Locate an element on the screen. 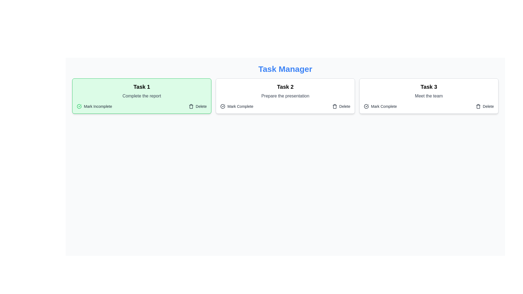 Image resolution: width=523 pixels, height=294 pixels. the text label displaying 'Task 2', which is centered within the top of the middle card in a three-card layout is located at coordinates (285, 87).